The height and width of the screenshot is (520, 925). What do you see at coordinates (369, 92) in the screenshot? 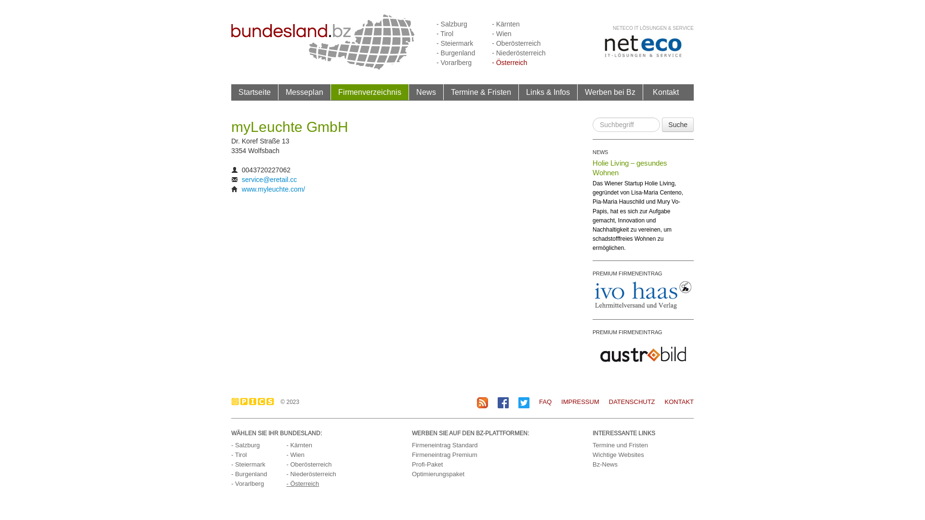
I see `'Firmenverzeichnis'` at bounding box center [369, 92].